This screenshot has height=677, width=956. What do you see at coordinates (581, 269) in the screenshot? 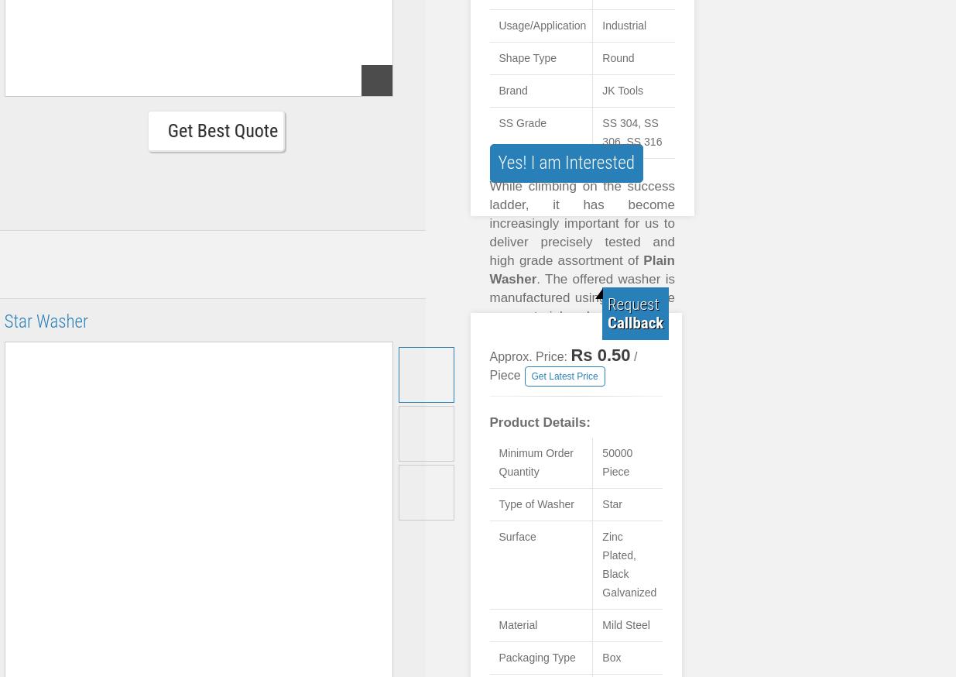
I see `'Plain Washer'` at bounding box center [581, 269].